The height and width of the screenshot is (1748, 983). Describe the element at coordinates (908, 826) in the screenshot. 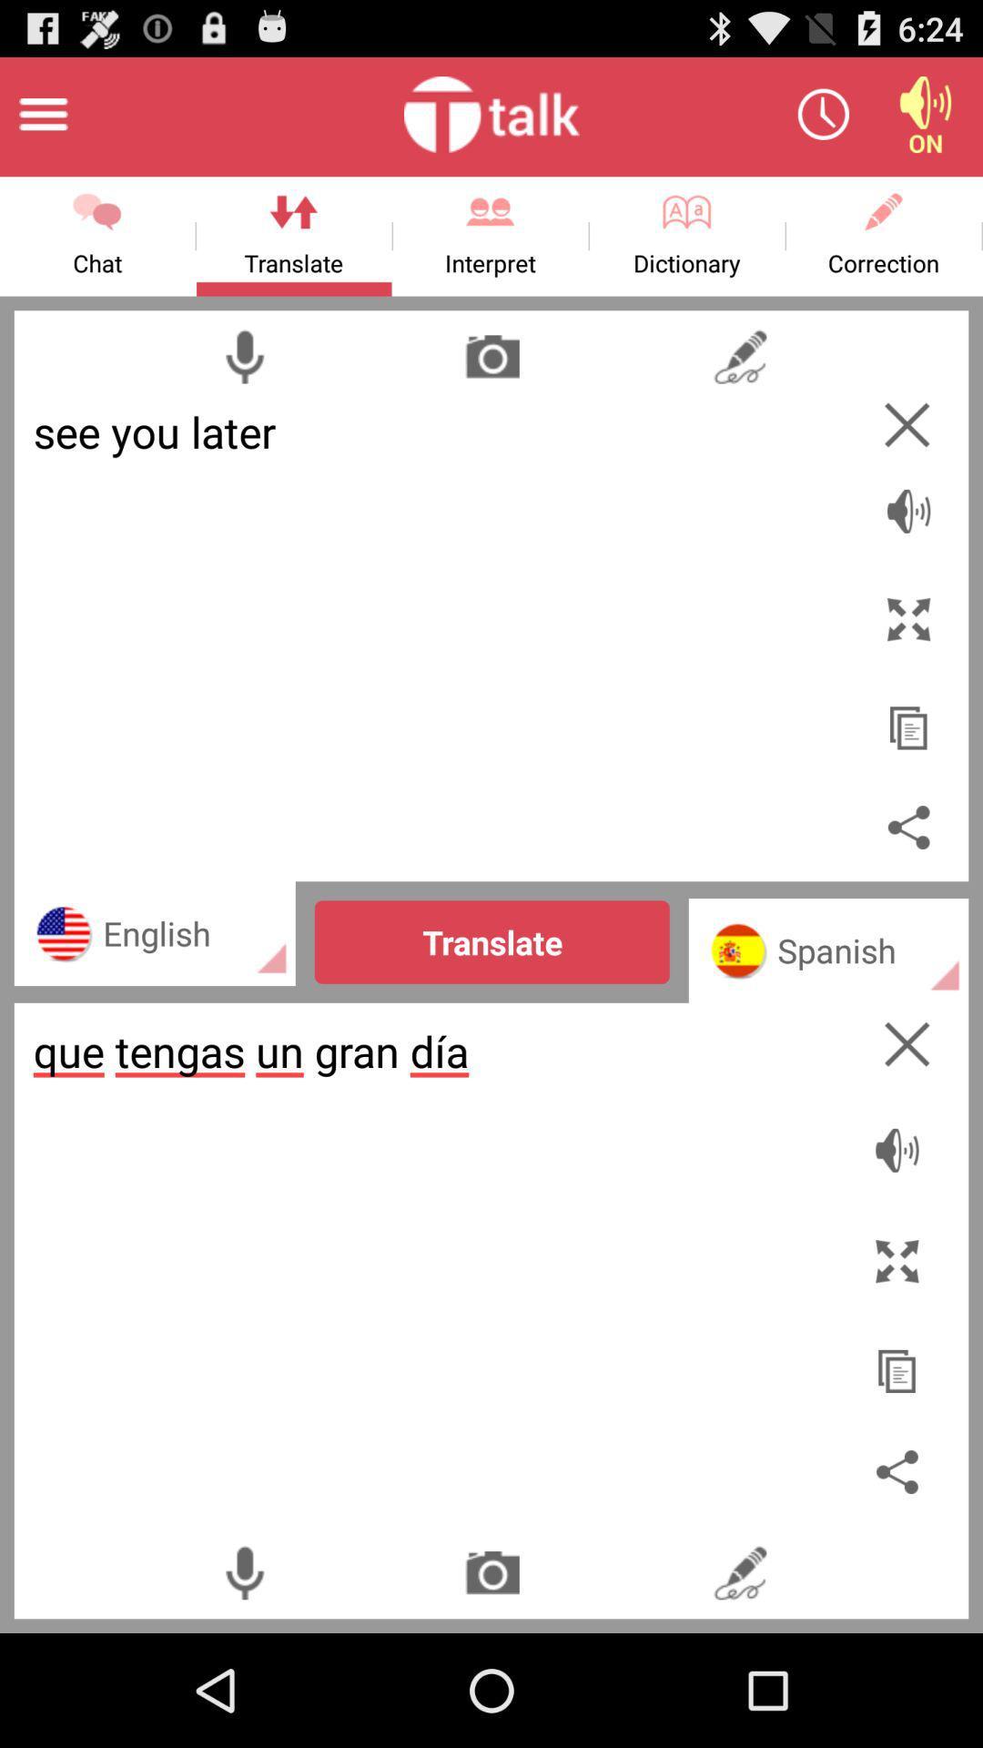

I see `share this translation` at that location.